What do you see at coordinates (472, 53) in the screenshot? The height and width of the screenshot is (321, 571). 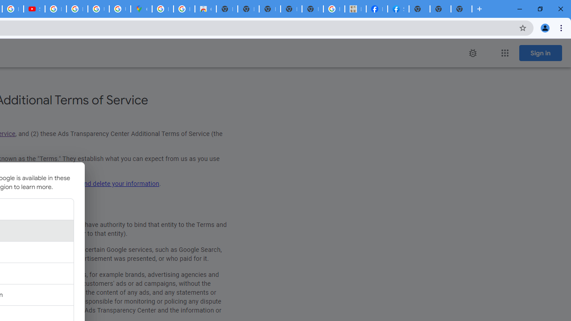 I see `'To get missing image descriptions, open the context menu.'` at bounding box center [472, 53].